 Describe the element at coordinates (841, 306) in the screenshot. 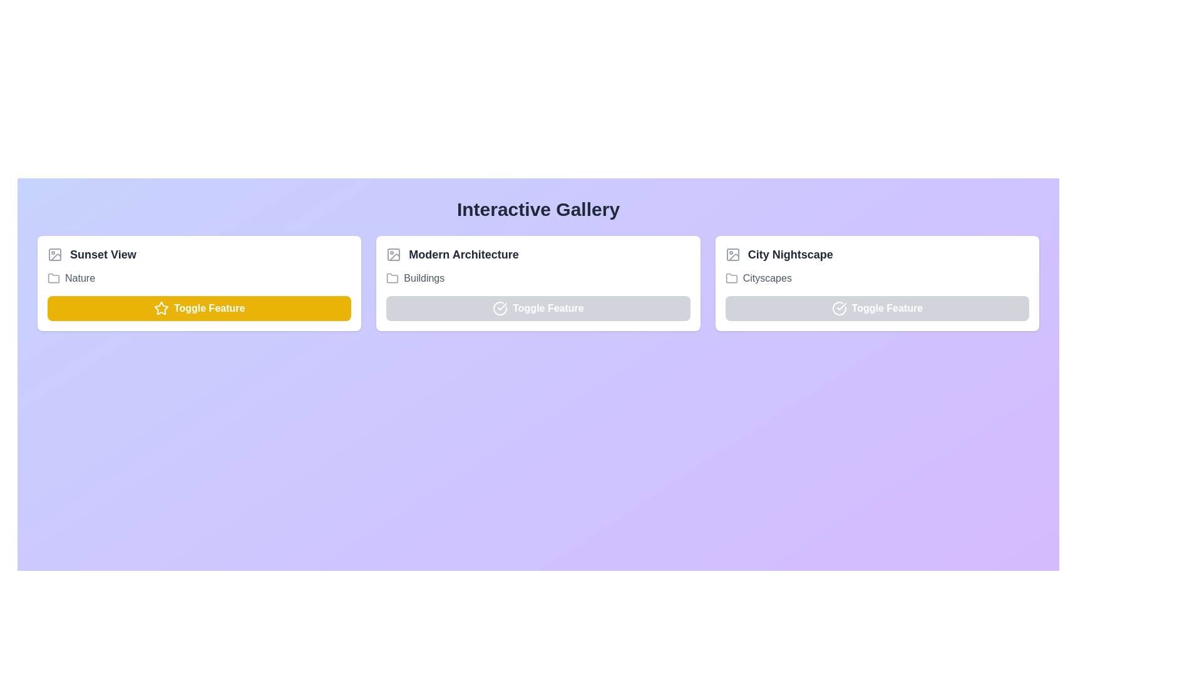

I see `the checkmark icon inside the SVG graphic representing an active state for the 'Toggle Feature' button in the 'City Nightscape' section of the 'Interactive Gallery'` at that location.